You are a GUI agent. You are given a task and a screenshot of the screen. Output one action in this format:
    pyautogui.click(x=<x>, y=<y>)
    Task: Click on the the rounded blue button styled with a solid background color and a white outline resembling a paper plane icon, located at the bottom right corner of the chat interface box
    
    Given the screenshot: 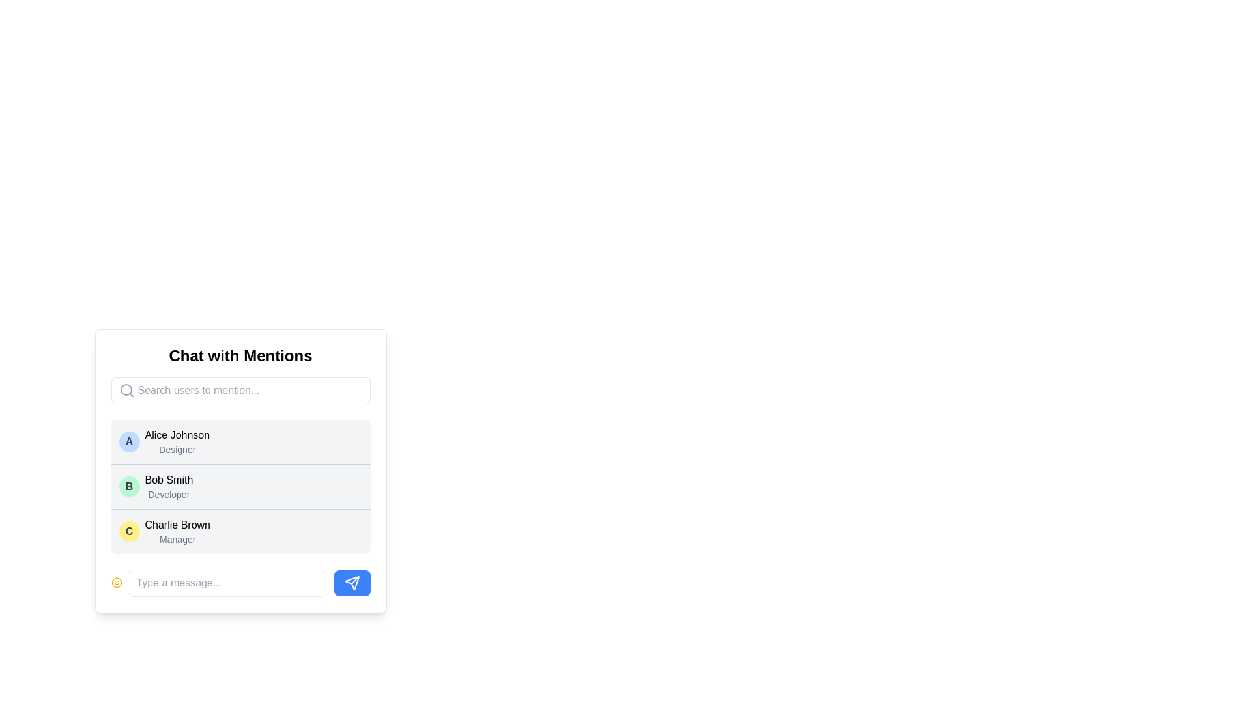 What is the action you would take?
    pyautogui.click(x=352, y=582)
    